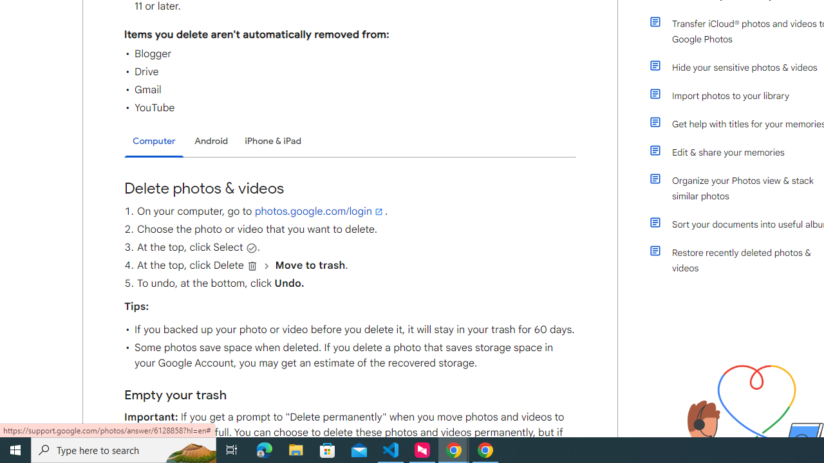  I want to click on 'photos.google.com/login', so click(319, 211).